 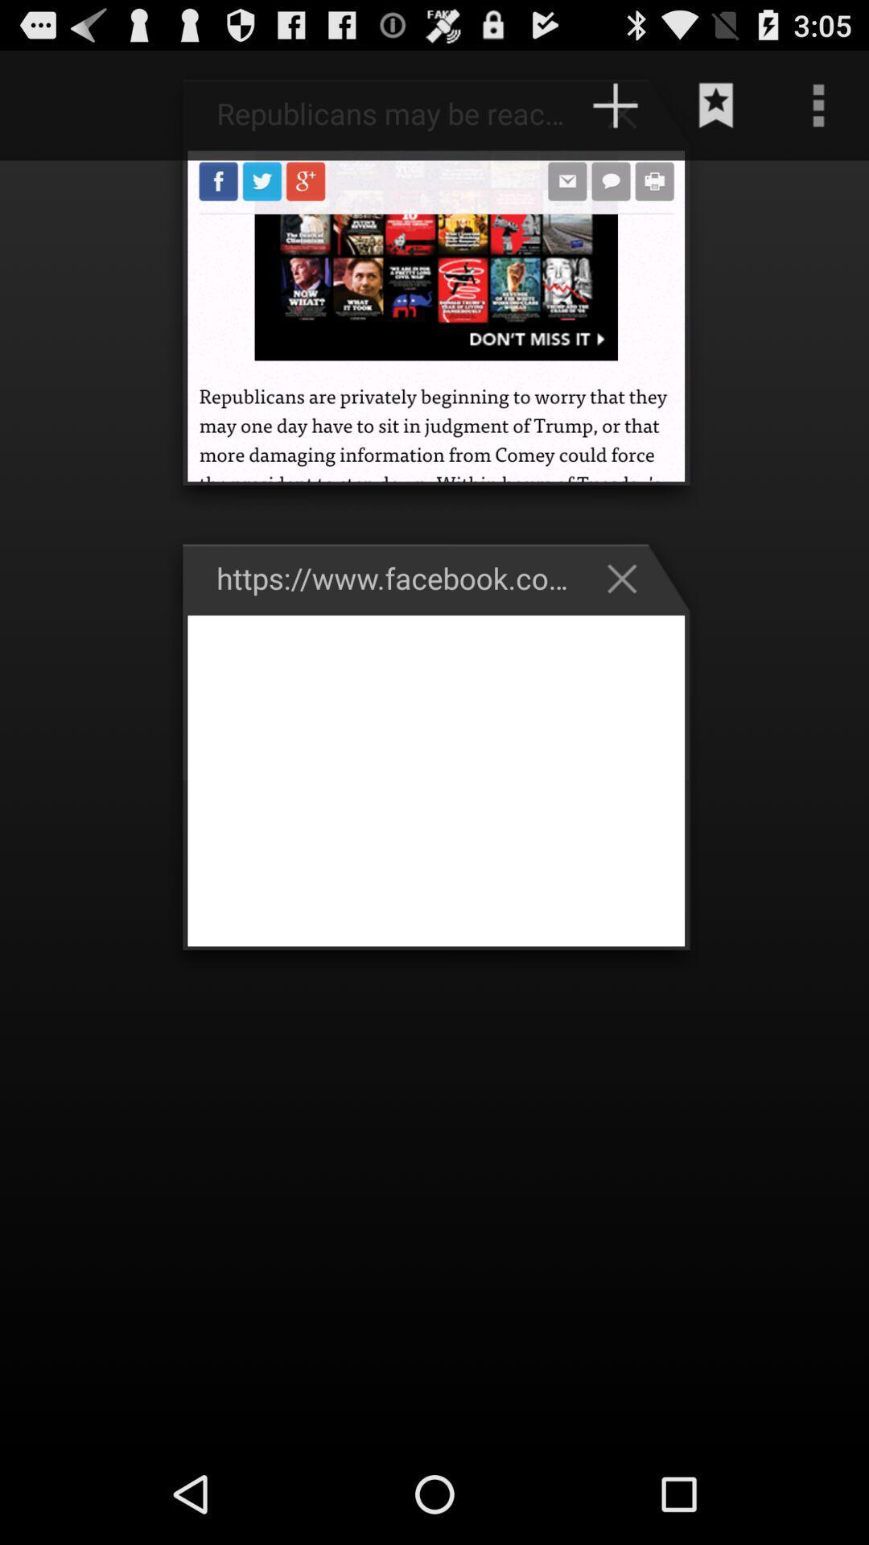 I want to click on the bookmark icon, so click(x=716, y=112).